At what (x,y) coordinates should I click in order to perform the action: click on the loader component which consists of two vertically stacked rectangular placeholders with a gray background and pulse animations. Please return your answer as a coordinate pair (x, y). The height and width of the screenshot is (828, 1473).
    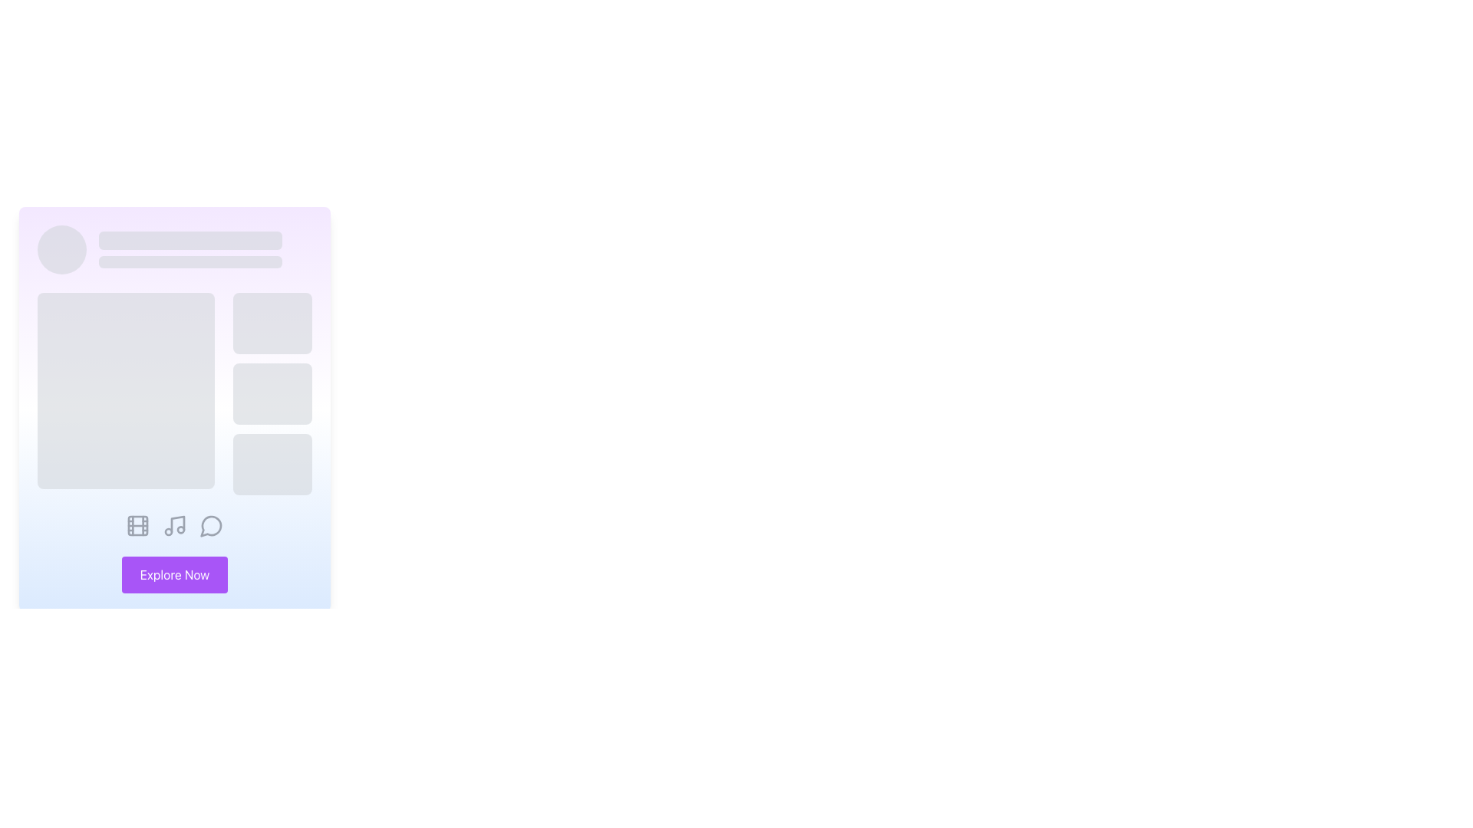
    Looking at the image, I should click on (189, 249).